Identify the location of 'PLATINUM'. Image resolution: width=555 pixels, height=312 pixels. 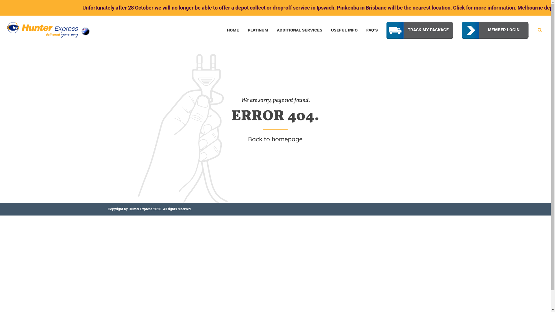
(258, 30).